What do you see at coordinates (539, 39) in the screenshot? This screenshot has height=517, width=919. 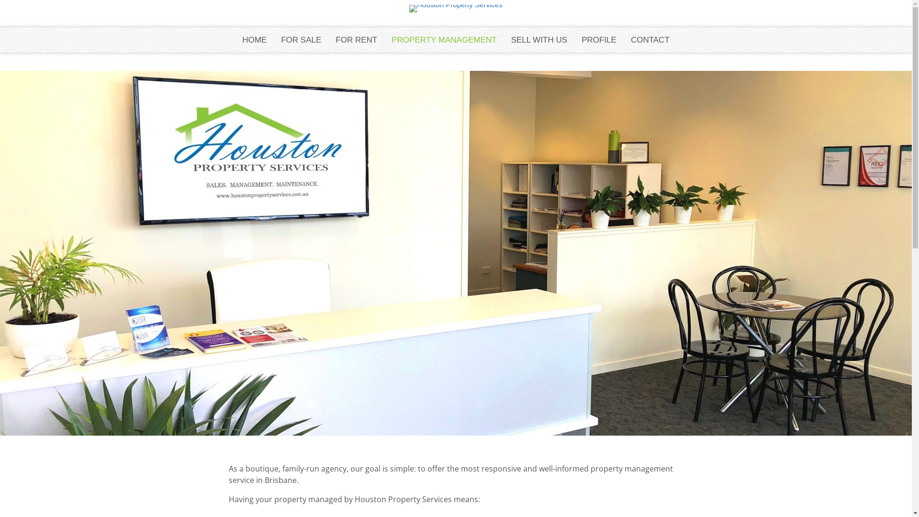 I see `'SELL WITH US'` at bounding box center [539, 39].